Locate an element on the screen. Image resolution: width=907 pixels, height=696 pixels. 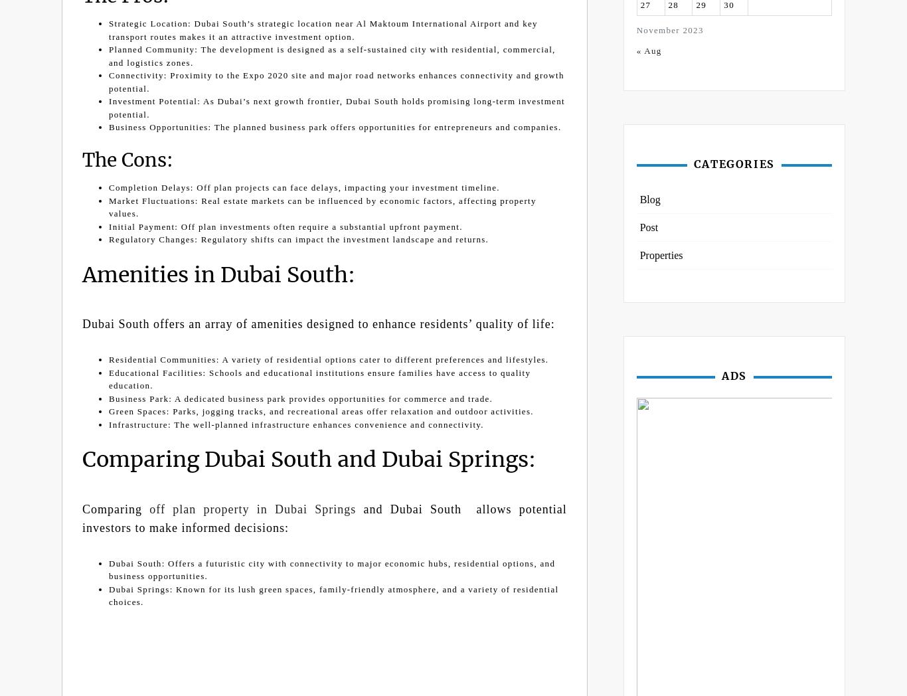
'Residential Communities: A variety of residential options cater to different preferences and lifestyles.' is located at coordinates (329, 359).